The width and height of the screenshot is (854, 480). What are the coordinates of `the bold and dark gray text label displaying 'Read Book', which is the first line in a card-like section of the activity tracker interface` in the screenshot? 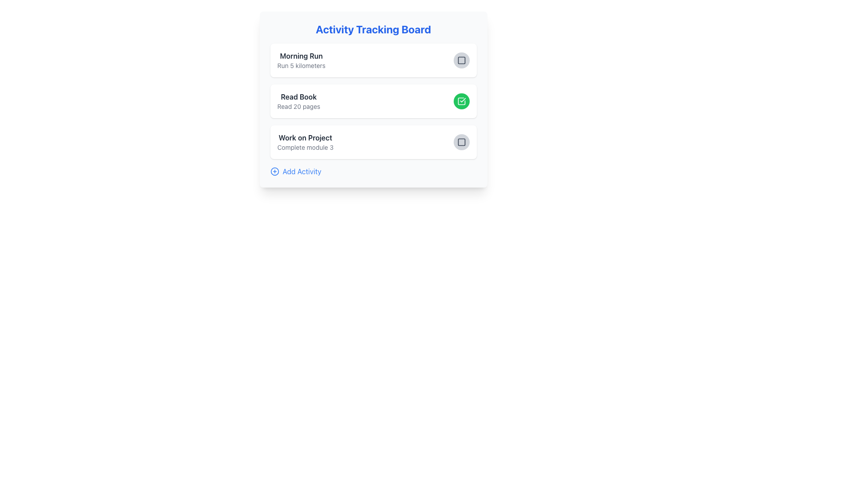 It's located at (298, 97).